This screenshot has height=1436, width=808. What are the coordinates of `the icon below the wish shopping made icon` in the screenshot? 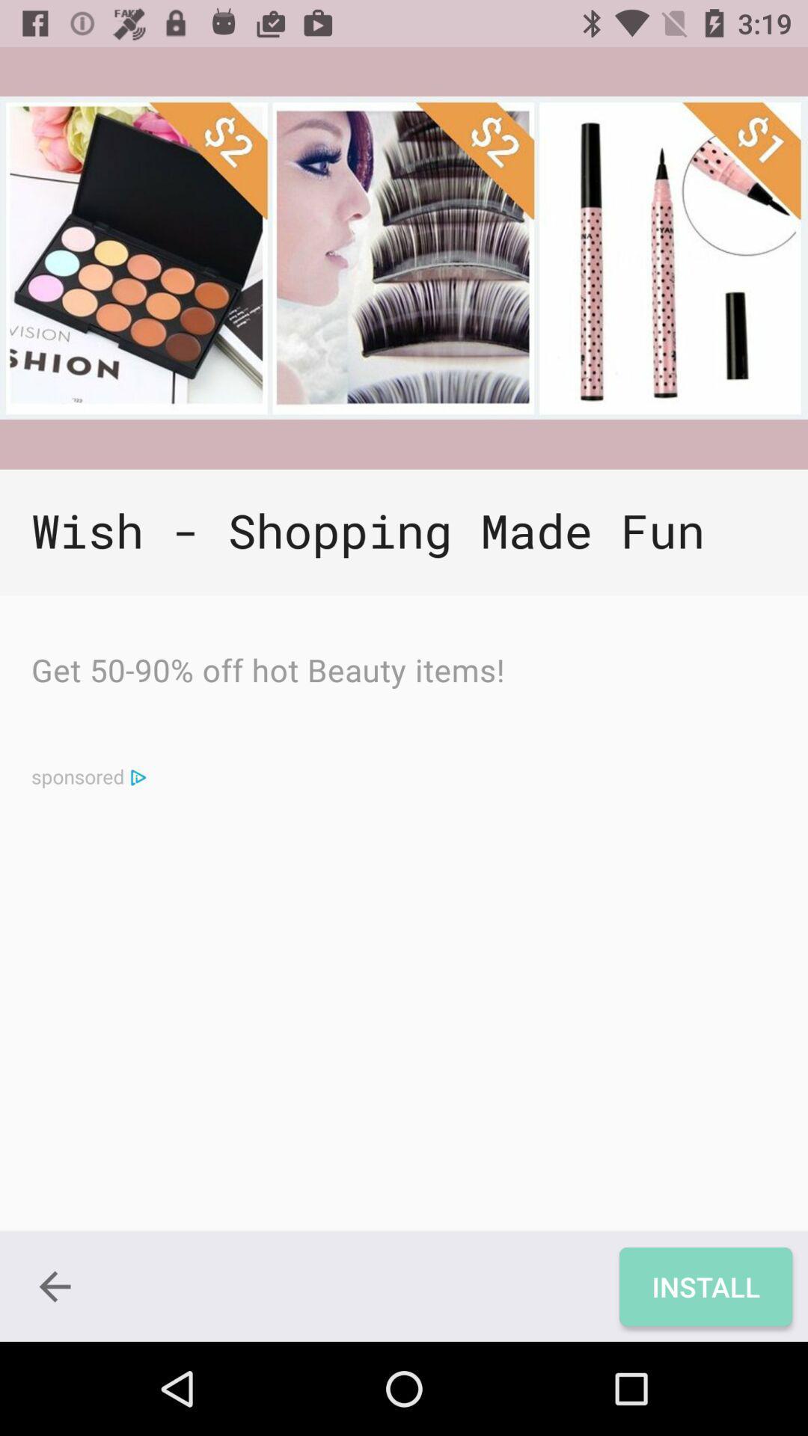 It's located at (706, 1286).